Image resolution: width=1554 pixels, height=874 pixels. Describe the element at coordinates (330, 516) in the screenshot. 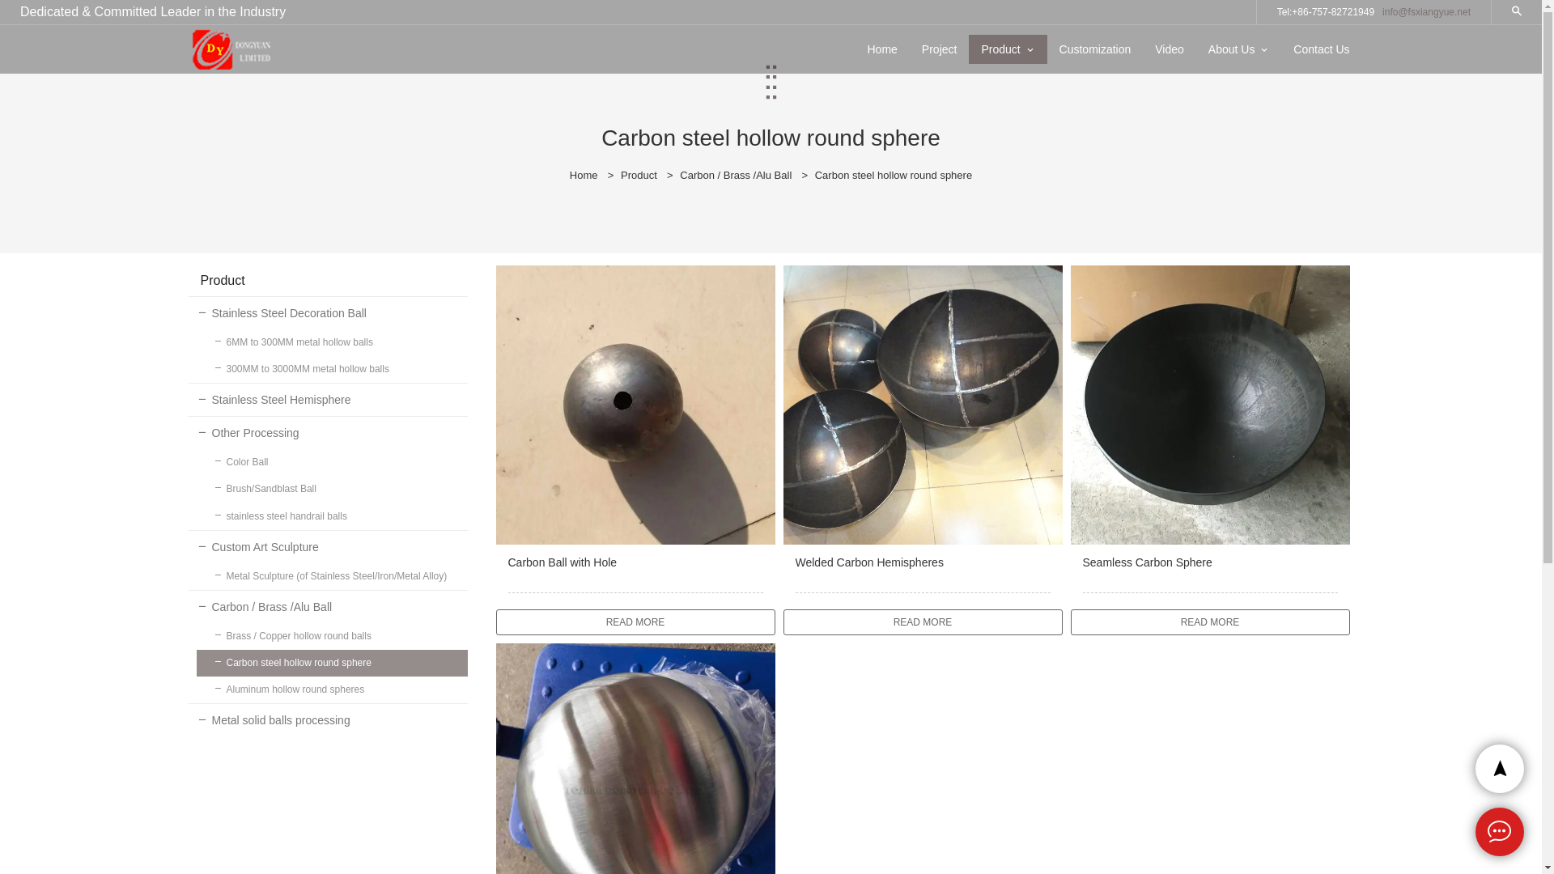

I see `'stainless steel handrail balls'` at that location.